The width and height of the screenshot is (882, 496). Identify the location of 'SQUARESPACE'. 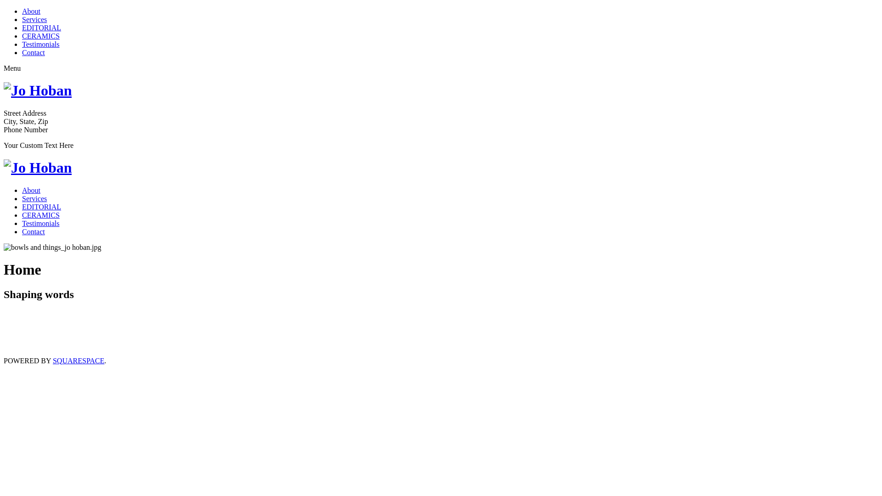
(79, 360).